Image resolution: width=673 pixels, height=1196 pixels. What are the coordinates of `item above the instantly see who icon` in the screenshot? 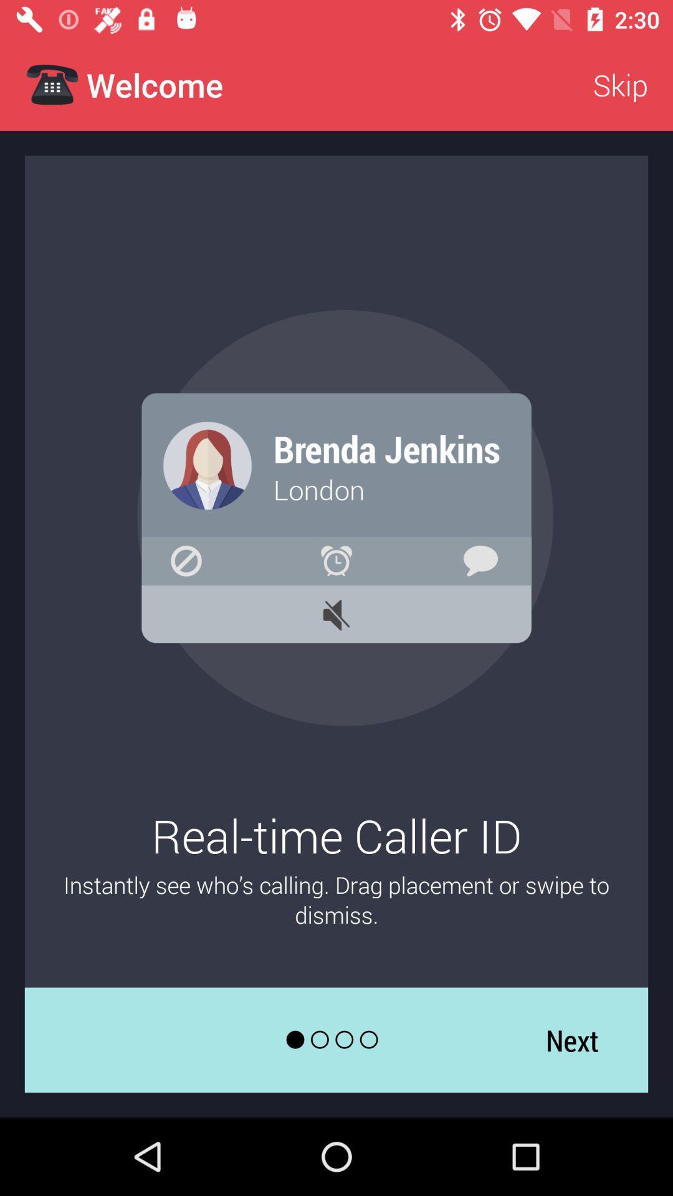 It's located at (620, 84).